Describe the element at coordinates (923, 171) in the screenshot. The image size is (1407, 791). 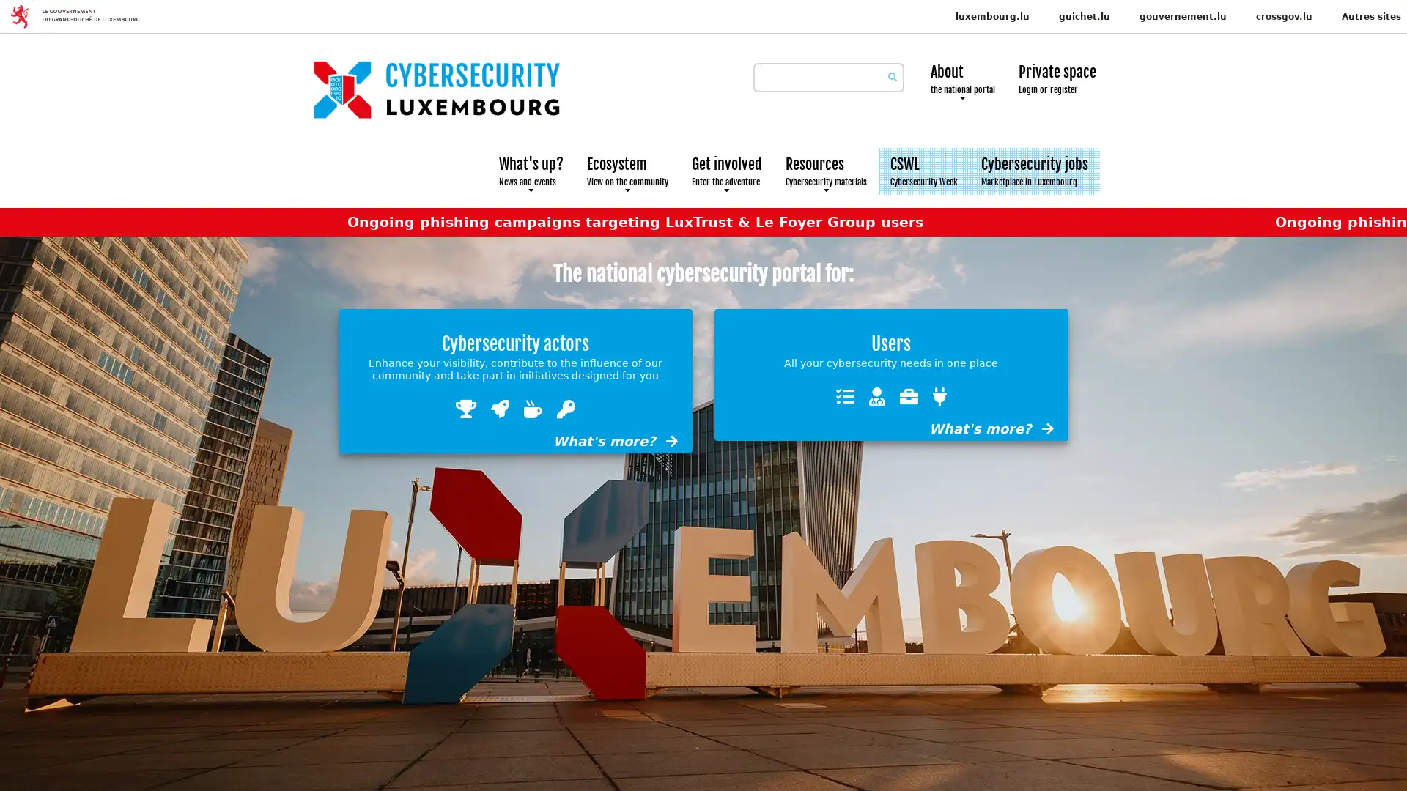
I see `CSWL Cybersecurity Week` at that location.